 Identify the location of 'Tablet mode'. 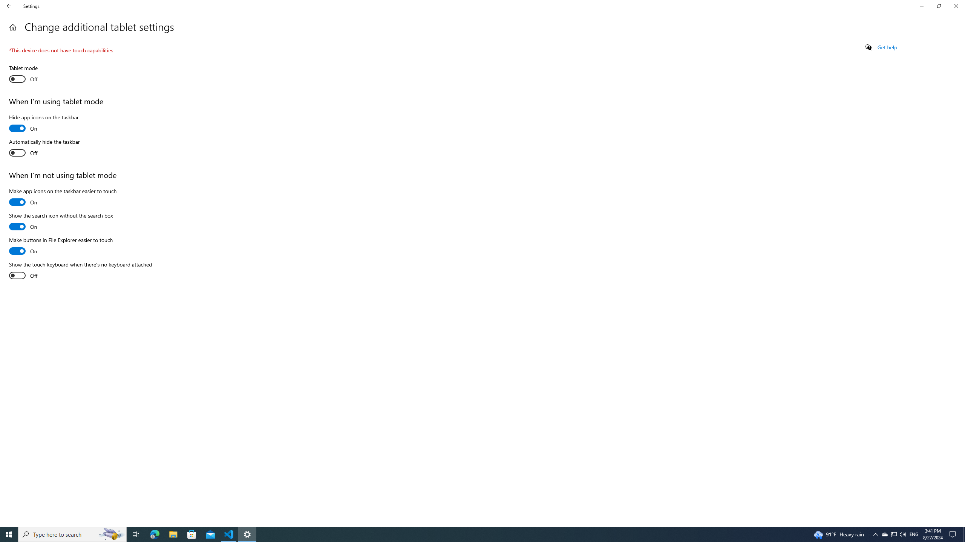
(37, 75).